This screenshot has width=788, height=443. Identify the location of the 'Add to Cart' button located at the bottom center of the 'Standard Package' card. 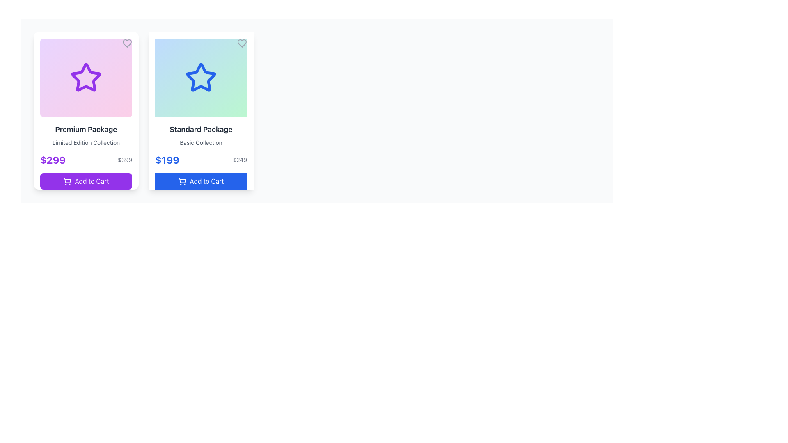
(201, 181).